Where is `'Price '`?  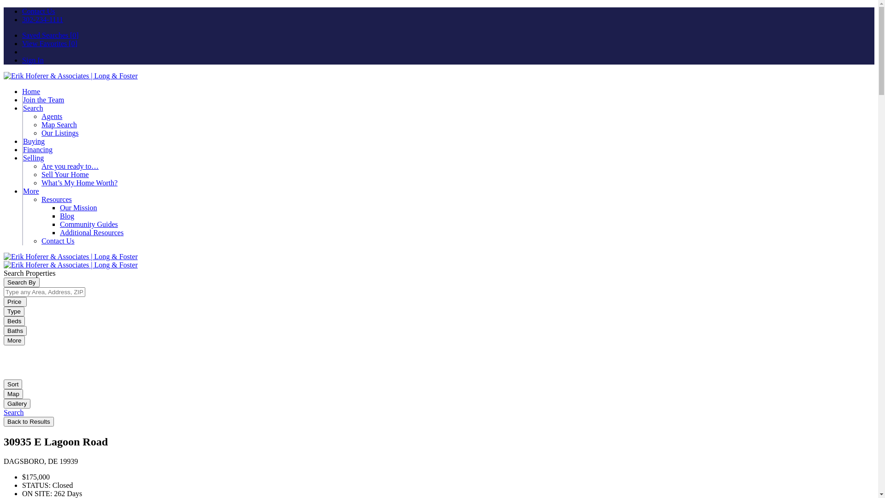
'Price ' is located at coordinates (15, 302).